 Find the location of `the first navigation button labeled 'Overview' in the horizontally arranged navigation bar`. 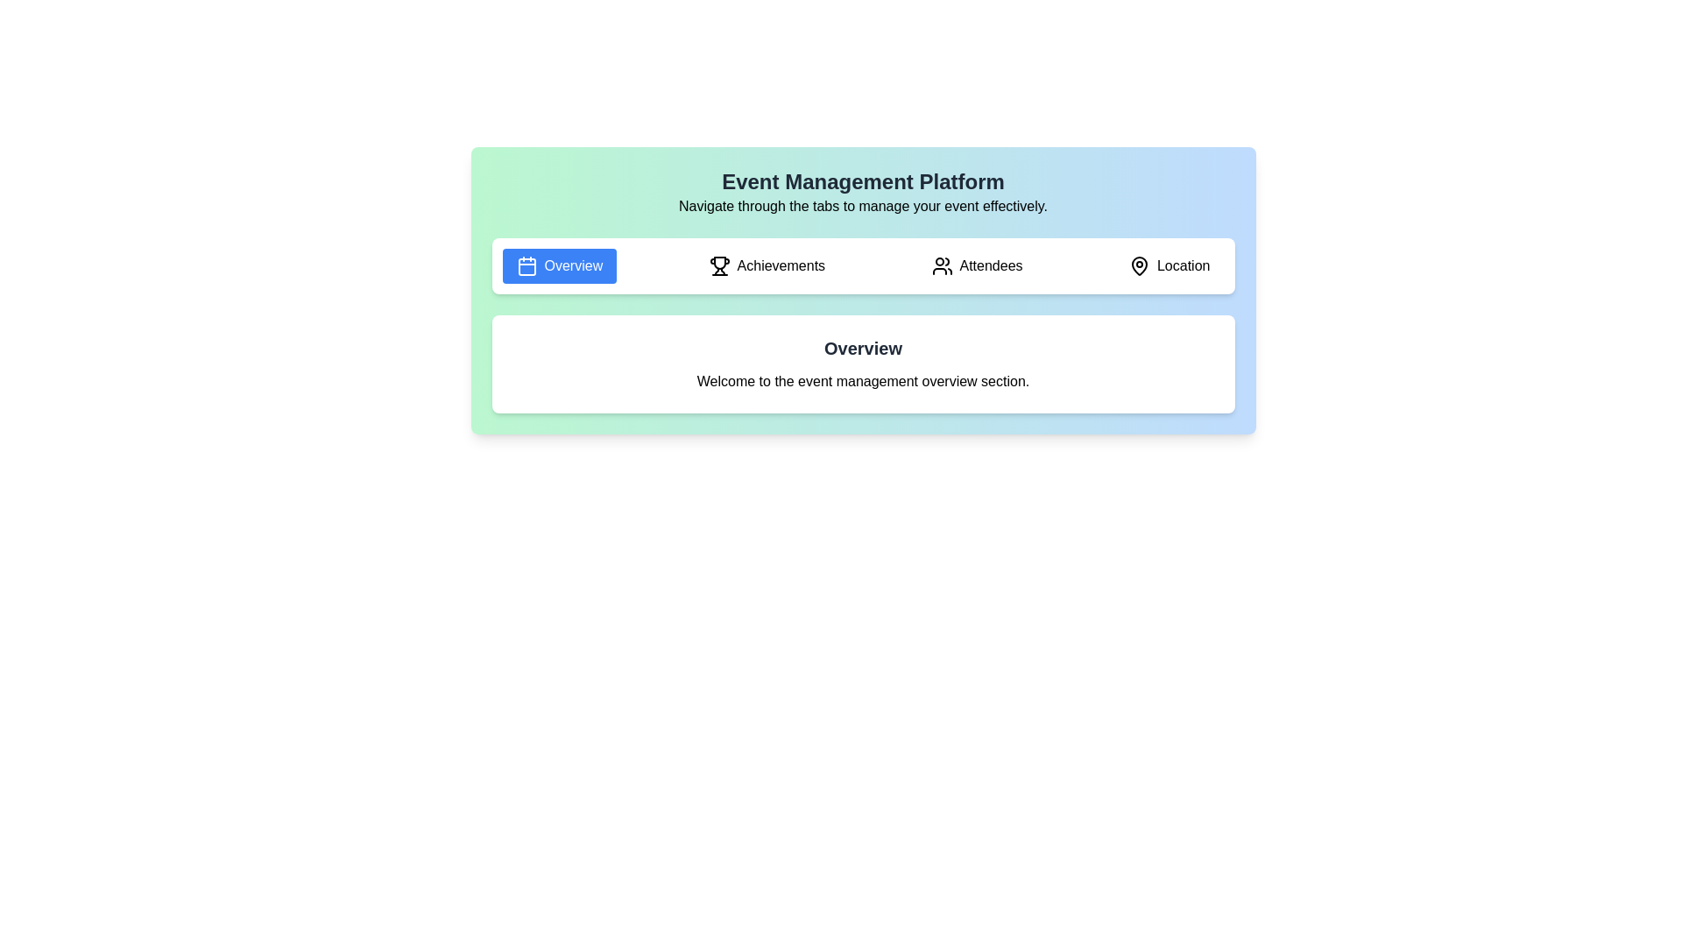

the first navigation button labeled 'Overview' in the horizontally arranged navigation bar is located at coordinates (573, 266).